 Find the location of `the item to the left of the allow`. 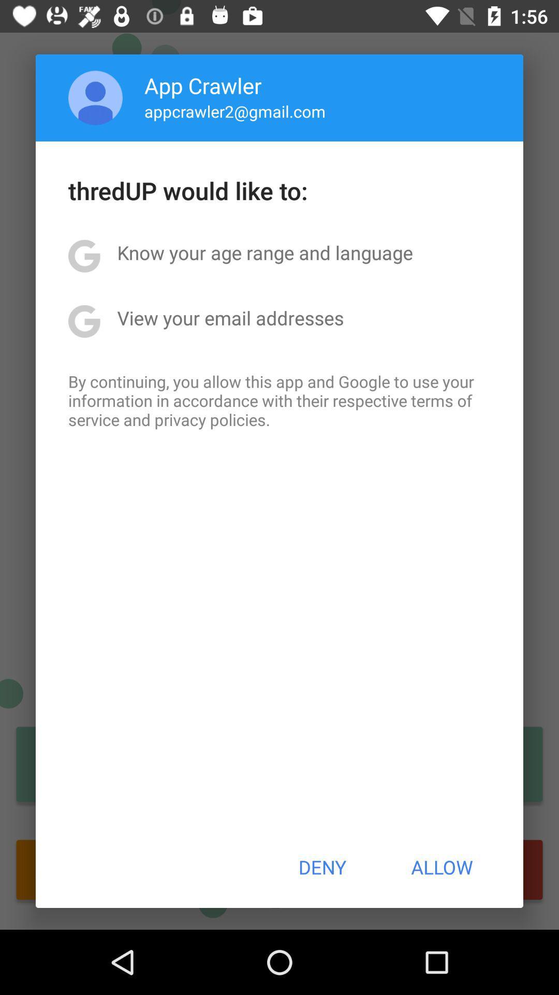

the item to the left of the allow is located at coordinates (321, 867).